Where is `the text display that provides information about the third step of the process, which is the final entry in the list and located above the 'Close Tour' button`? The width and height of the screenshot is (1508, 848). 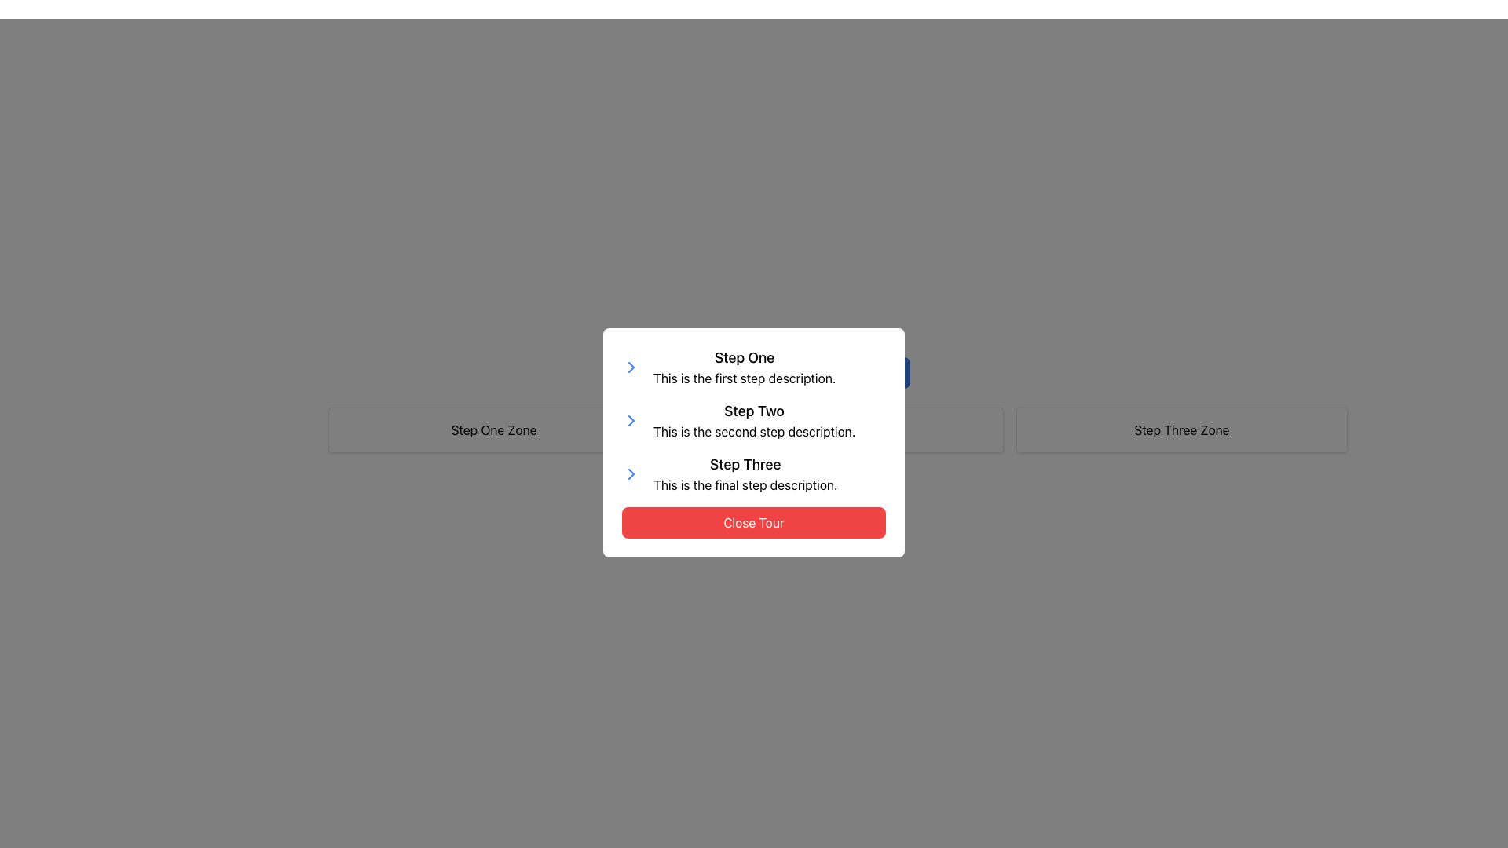 the text display that provides information about the third step of the process, which is the final entry in the list and located above the 'Close Tour' button is located at coordinates (754, 473).